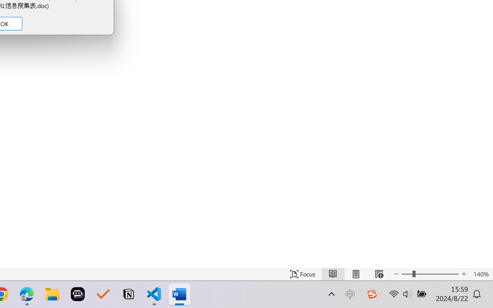 The height and width of the screenshot is (308, 493). What do you see at coordinates (355, 274) in the screenshot?
I see `'Print Layout'` at bounding box center [355, 274].